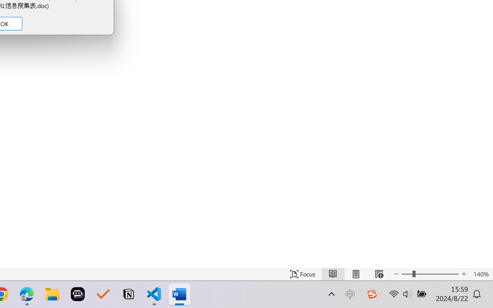 The height and width of the screenshot is (308, 493). What do you see at coordinates (355, 274) in the screenshot?
I see `'Print Layout'` at bounding box center [355, 274].